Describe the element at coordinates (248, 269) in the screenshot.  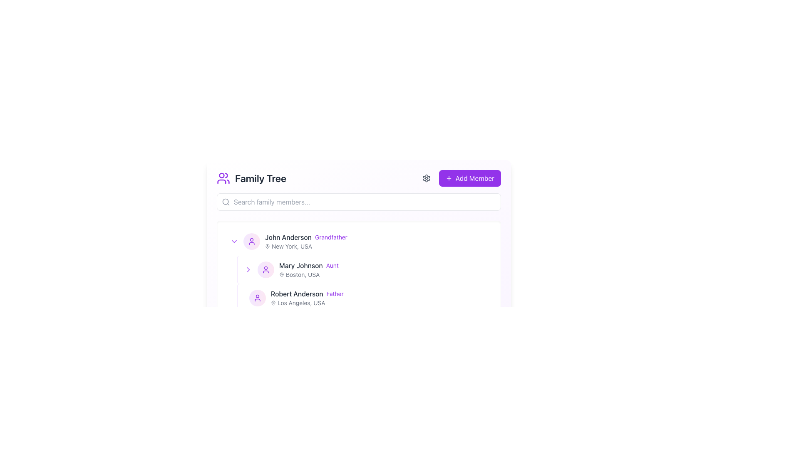
I see `the interactive chevron button styled in purple, located next to the profile picture of 'Mary Johnson' in the 'Family Tree' list view` at that location.